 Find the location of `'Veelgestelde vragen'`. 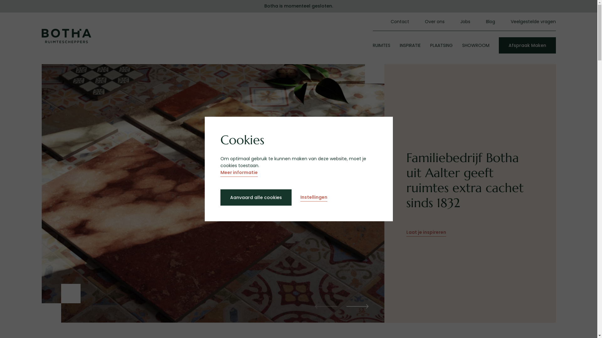

'Veelgestelde vragen' is located at coordinates (532, 21).